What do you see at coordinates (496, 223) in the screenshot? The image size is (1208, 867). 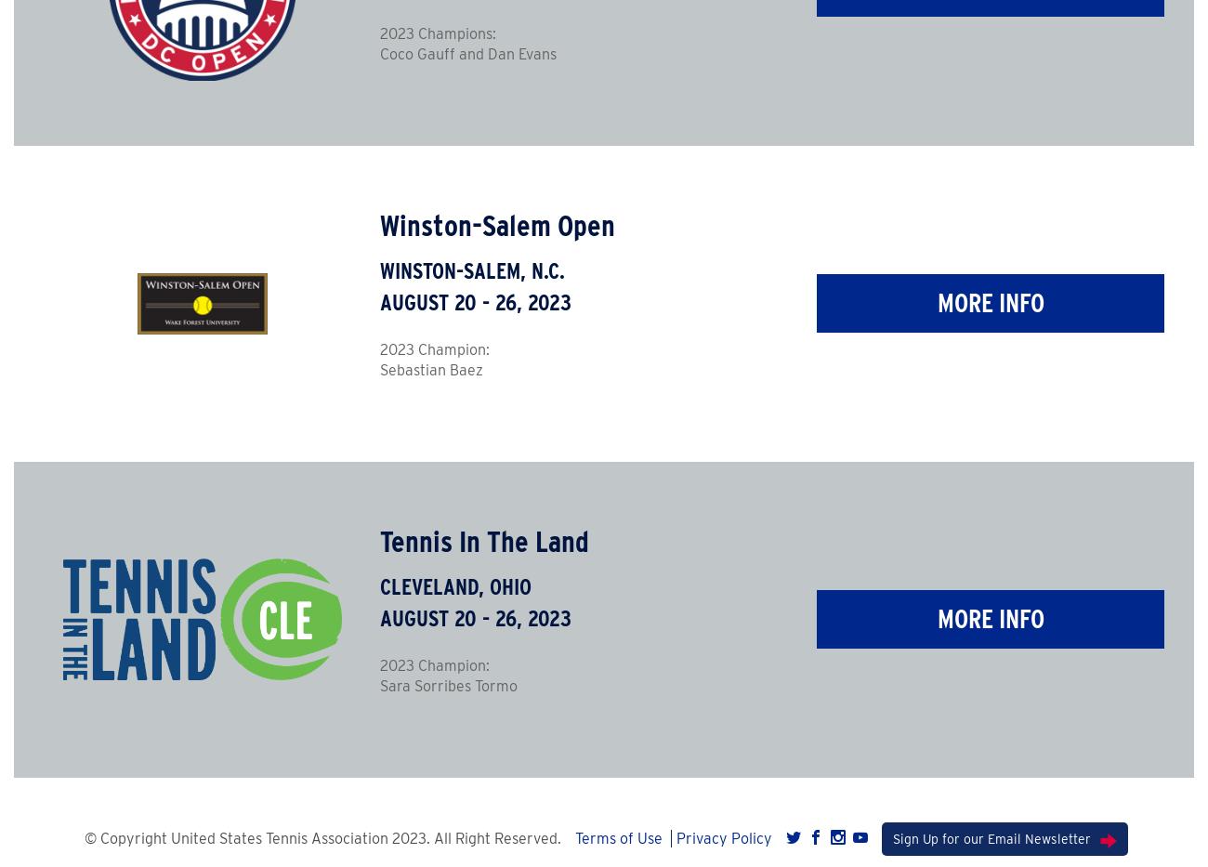 I see `'Winston-Salem Open'` at bounding box center [496, 223].